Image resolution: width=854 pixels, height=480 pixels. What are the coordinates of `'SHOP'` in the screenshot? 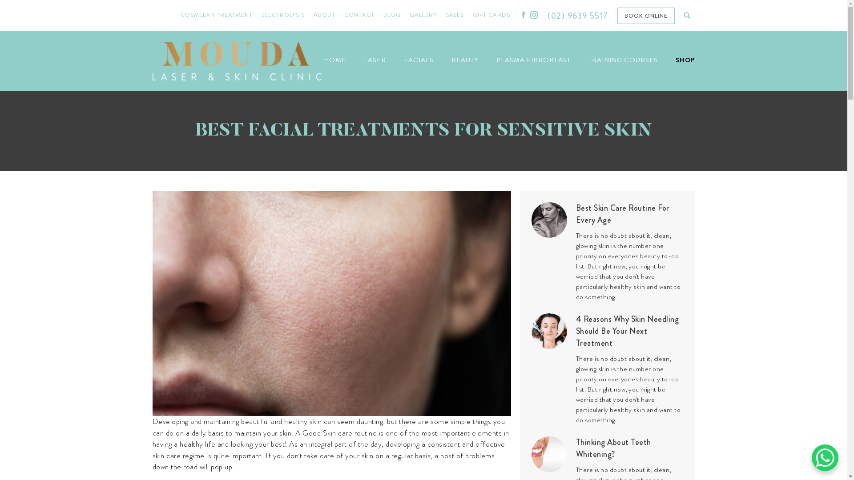 It's located at (685, 60).